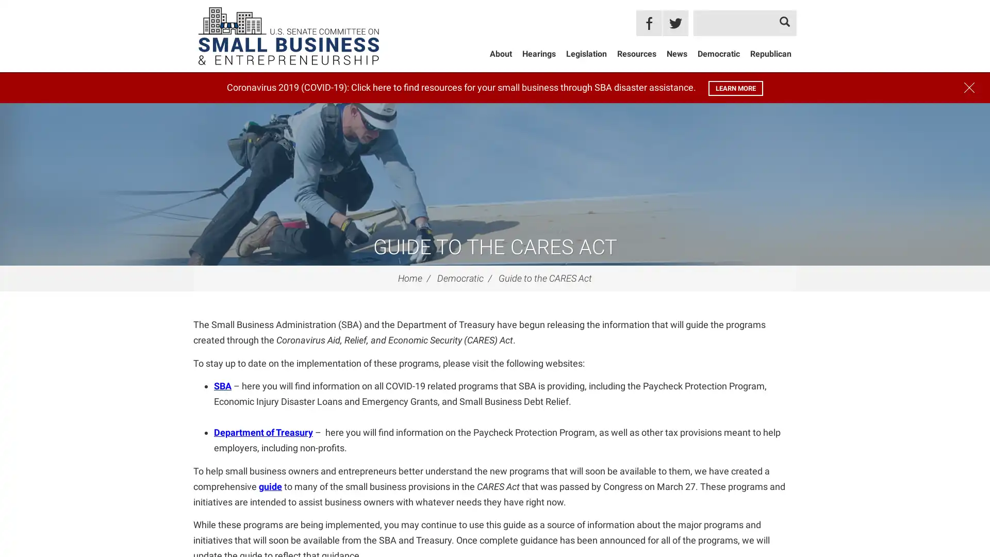 This screenshot has height=557, width=990. I want to click on Search, so click(784, 23).